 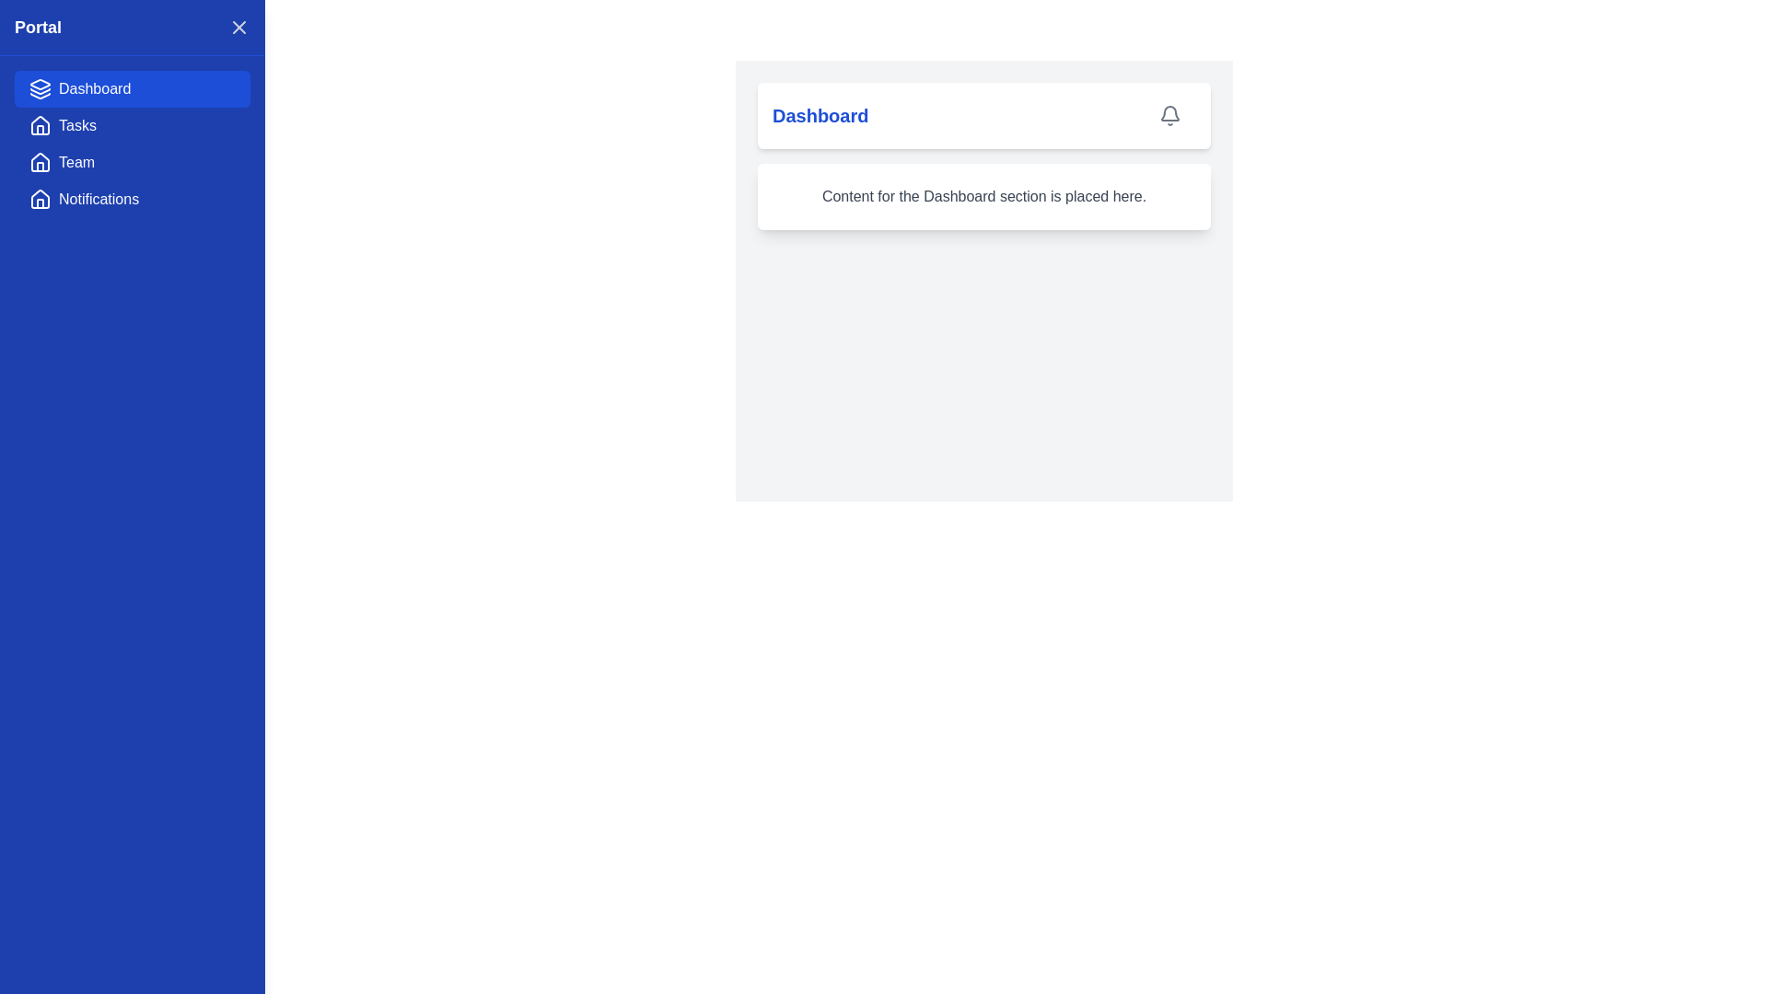 What do you see at coordinates (40, 167) in the screenshot?
I see `the house-shaped icon in the sidebar, which is positioned next to the label 'Team'` at bounding box center [40, 167].